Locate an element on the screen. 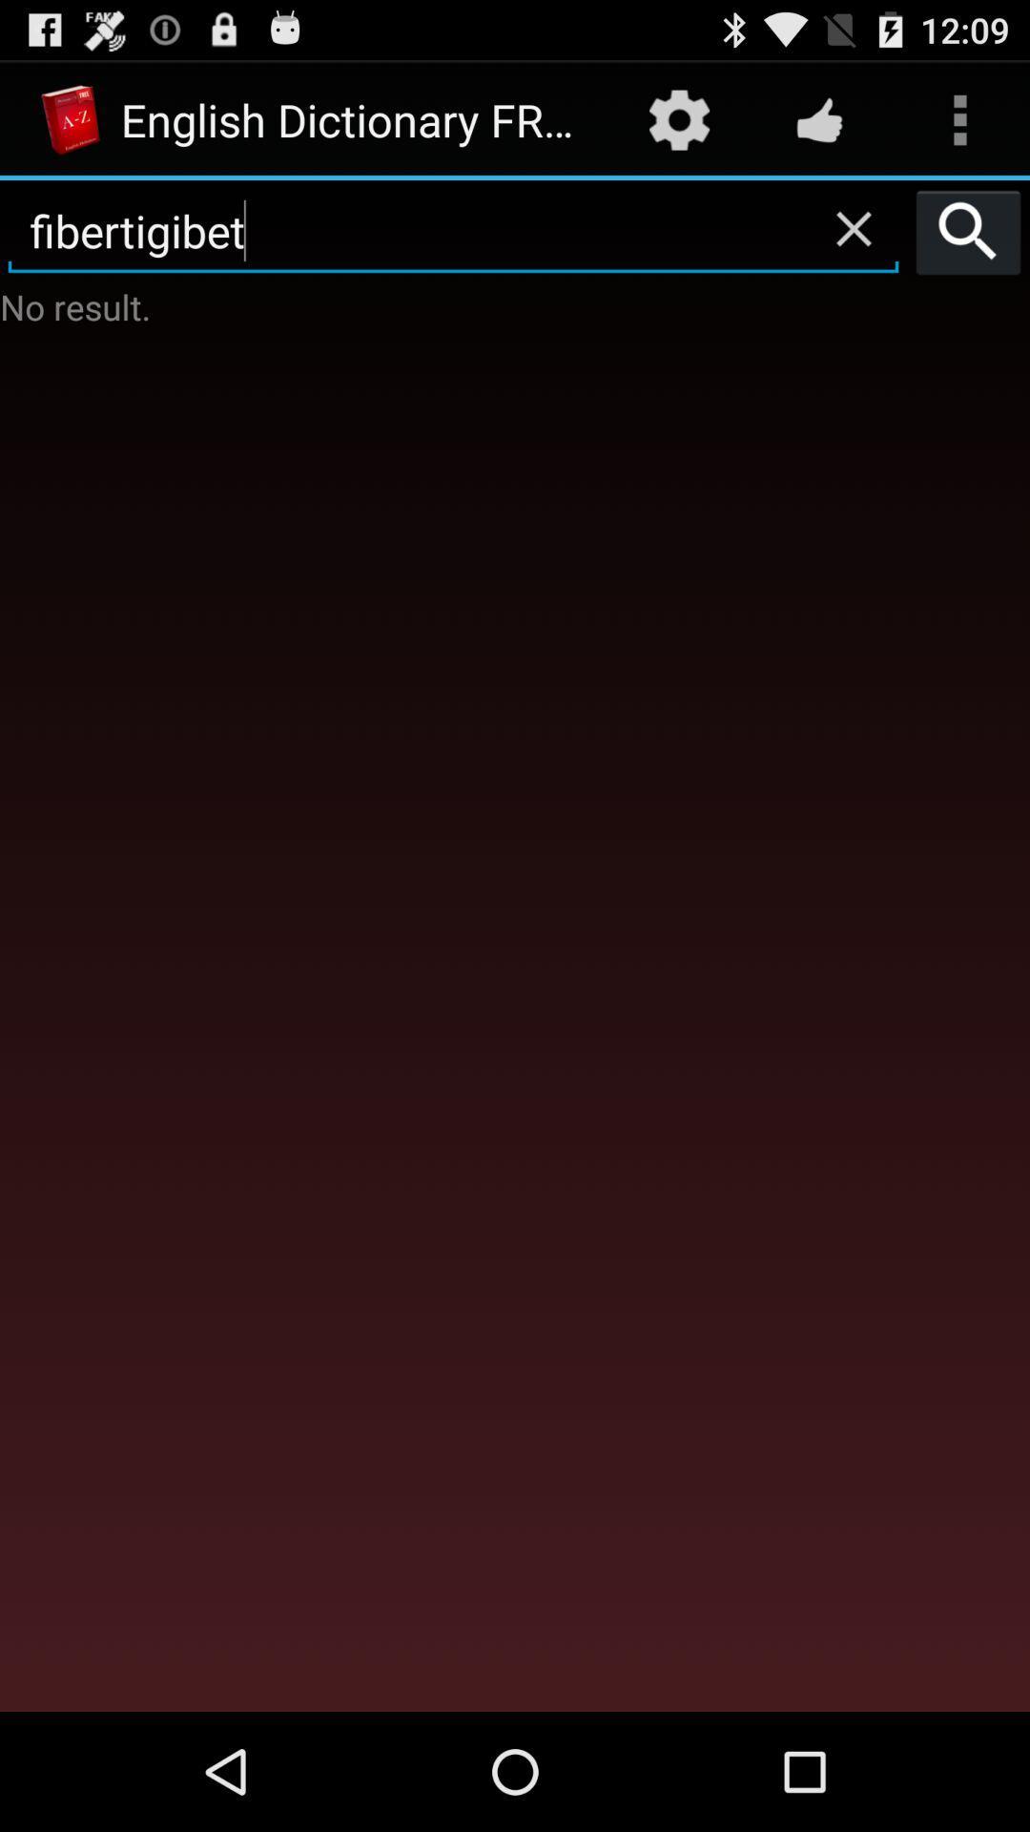 The width and height of the screenshot is (1030, 1832). the item to the right of fibertigibet icon is located at coordinates (968, 231).